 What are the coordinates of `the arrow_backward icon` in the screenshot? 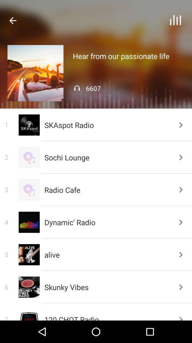 It's located at (13, 20).